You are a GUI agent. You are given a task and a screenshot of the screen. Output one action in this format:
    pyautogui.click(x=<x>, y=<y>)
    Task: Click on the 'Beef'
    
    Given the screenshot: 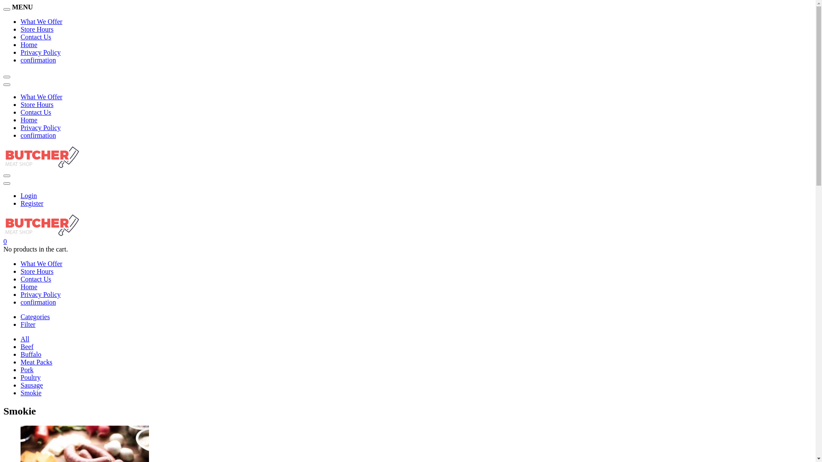 What is the action you would take?
    pyautogui.click(x=27, y=346)
    